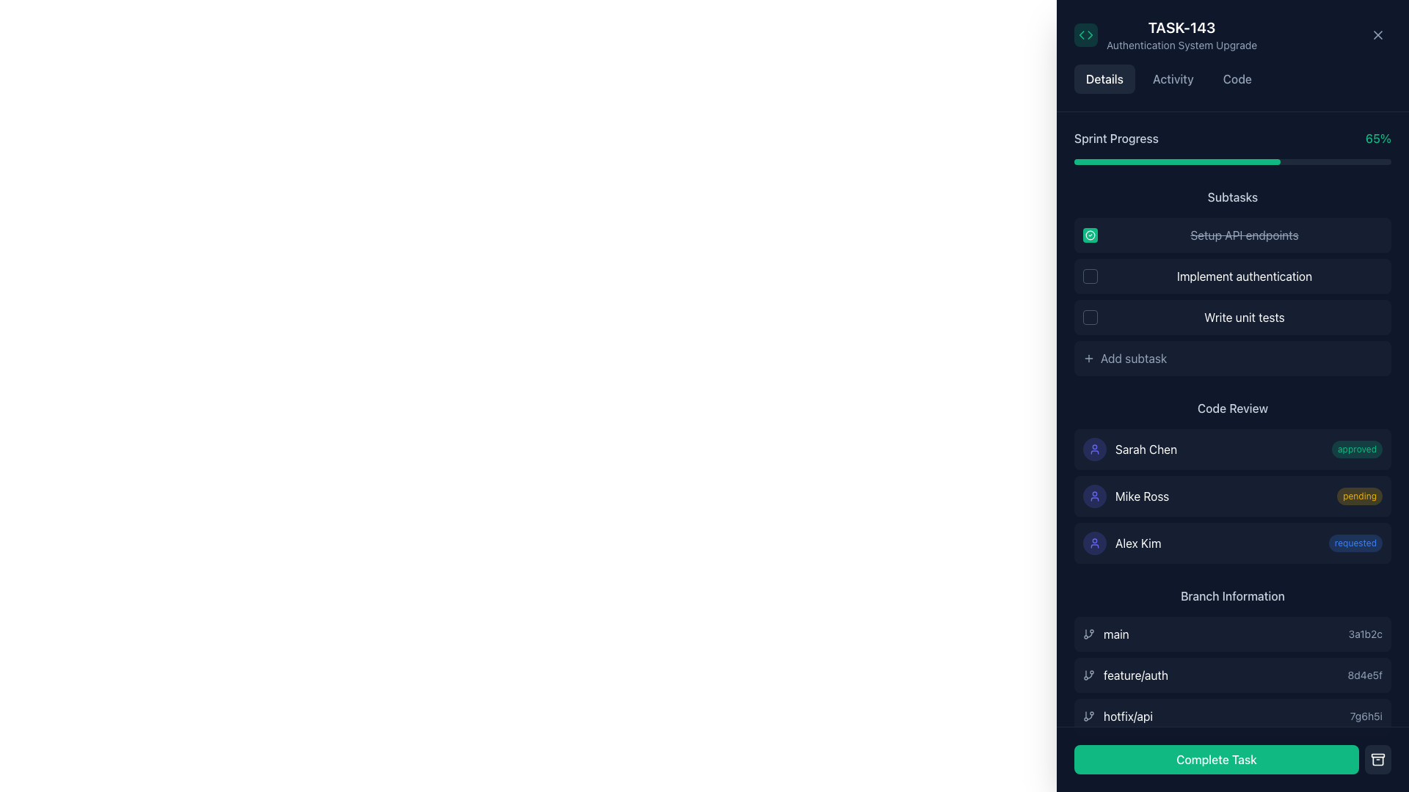  I want to click on the unique identifier text element located at the top-left corner of the right section of the interface, which is positioned above the 'Authentication System Upgrade' text, so click(1182, 28).